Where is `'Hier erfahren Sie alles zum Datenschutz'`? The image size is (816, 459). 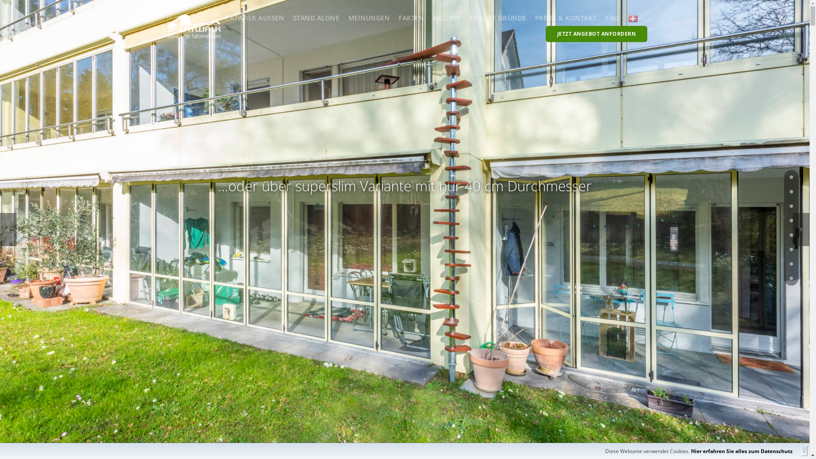
'Hier erfahren Sie alles zum Datenschutz' is located at coordinates (691, 450).